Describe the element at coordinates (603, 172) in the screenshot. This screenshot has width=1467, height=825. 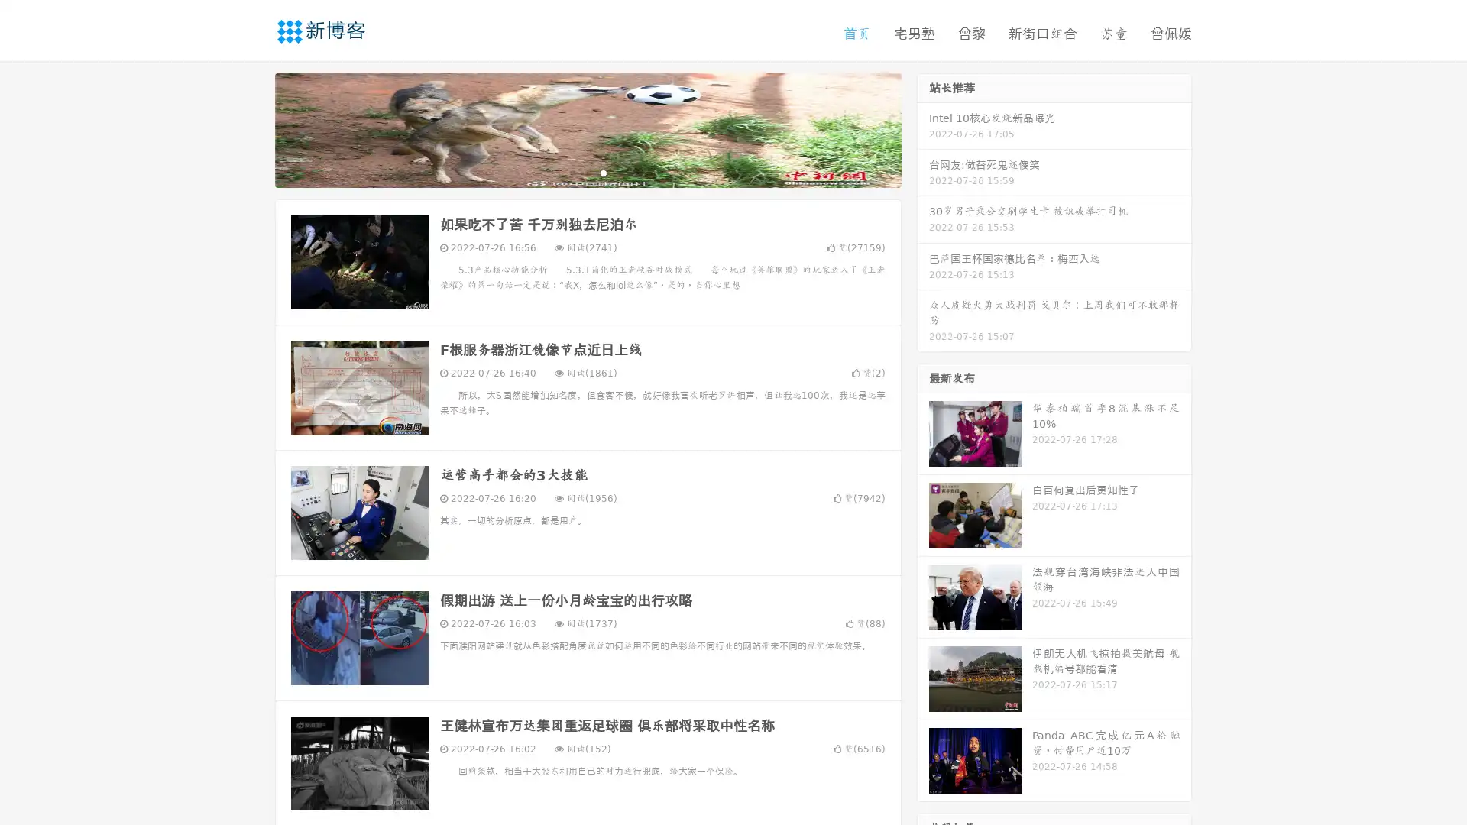
I see `Go to slide 3` at that location.